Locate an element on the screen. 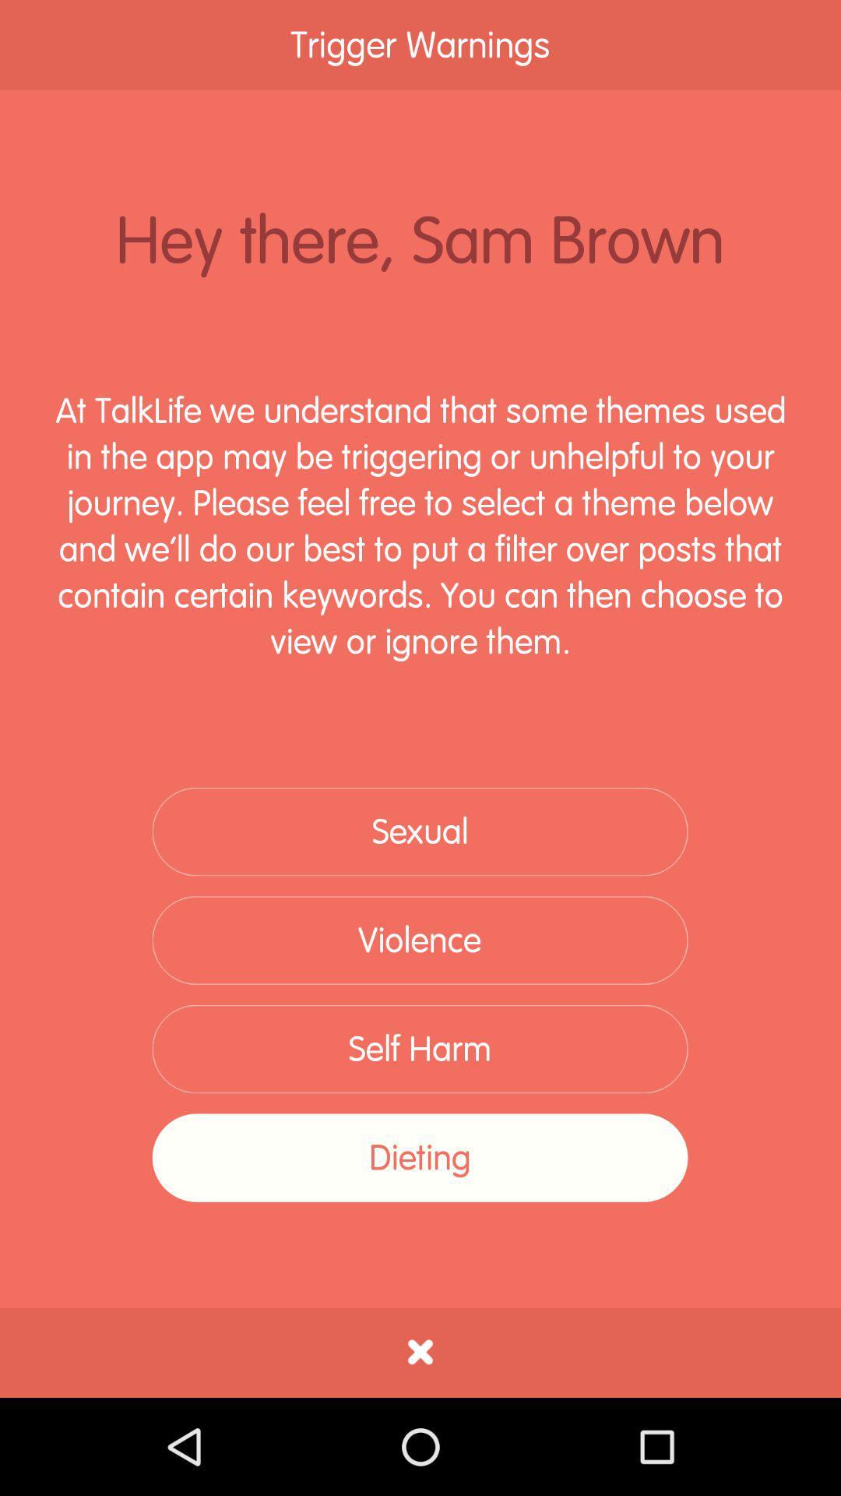 The width and height of the screenshot is (841, 1496). self harm item is located at coordinates (419, 1049).